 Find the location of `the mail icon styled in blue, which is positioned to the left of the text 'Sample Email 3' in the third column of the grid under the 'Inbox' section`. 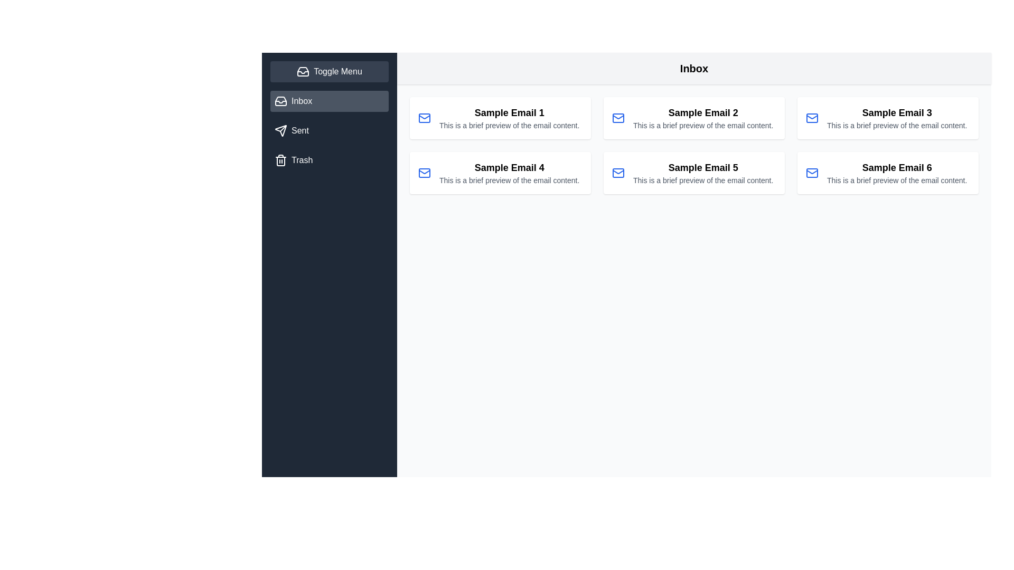

the mail icon styled in blue, which is positioned to the left of the text 'Sample Email 3' in the third column of the grid under the 'Inbox' section is located at coordinates (811, 118).